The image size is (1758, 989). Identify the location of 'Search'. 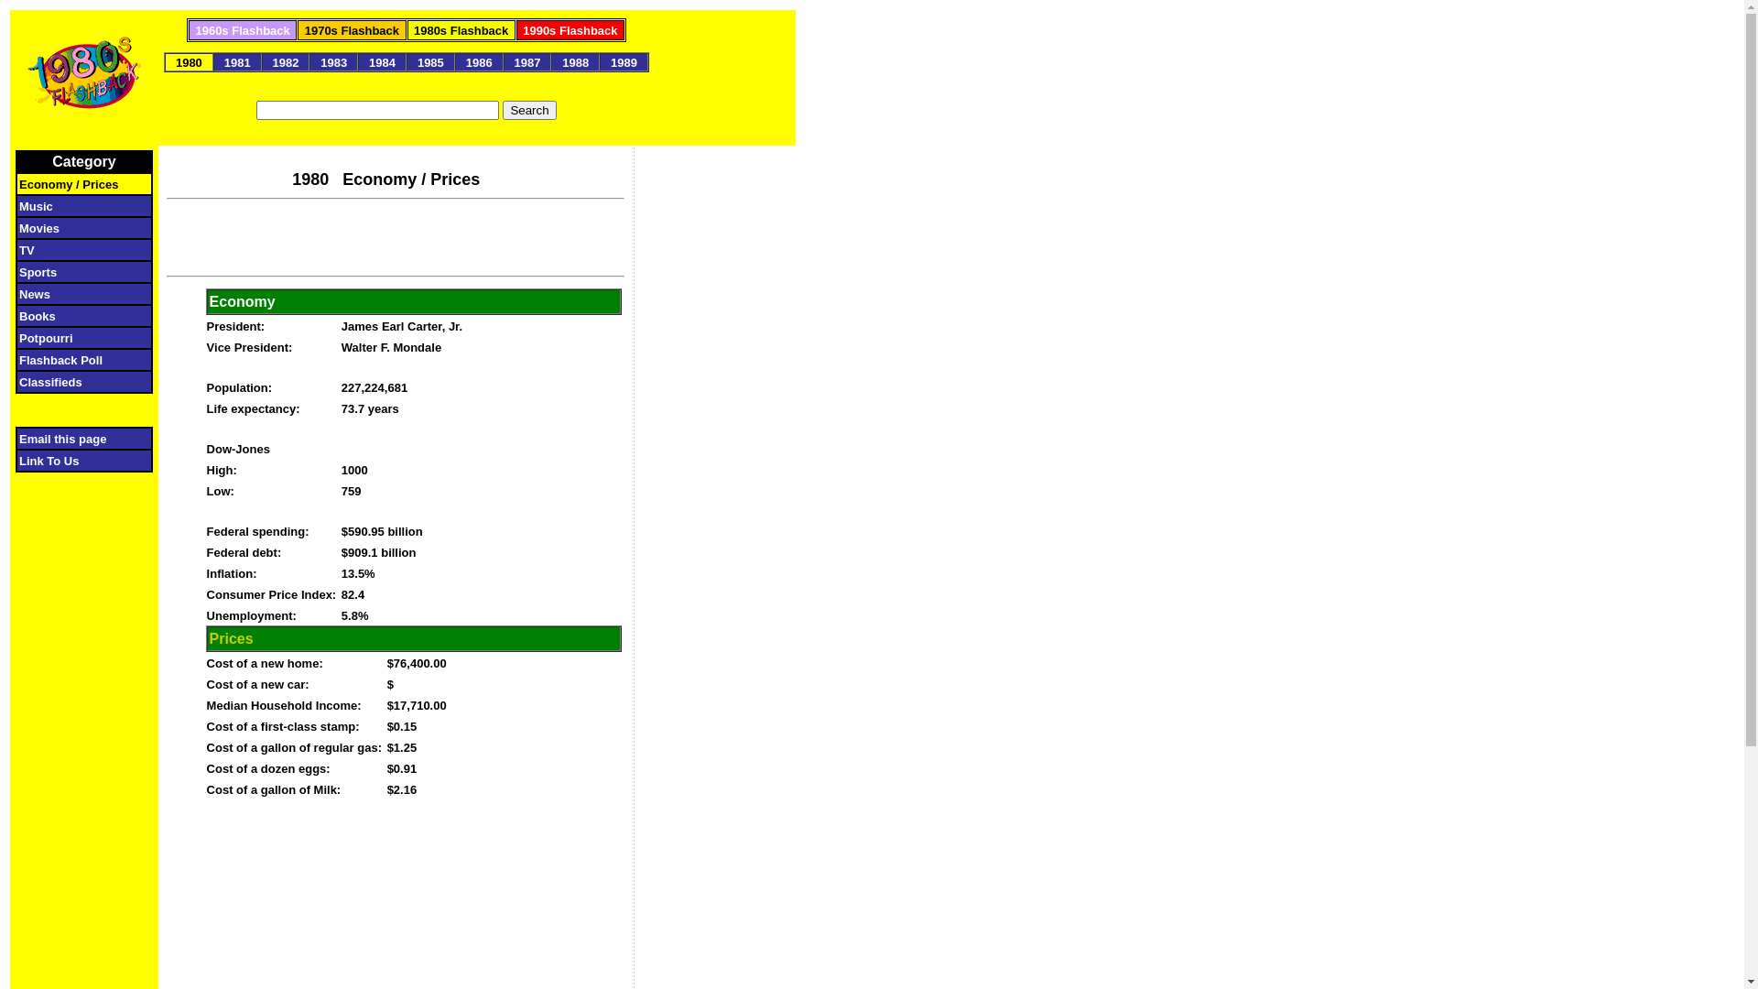
(527, 110).